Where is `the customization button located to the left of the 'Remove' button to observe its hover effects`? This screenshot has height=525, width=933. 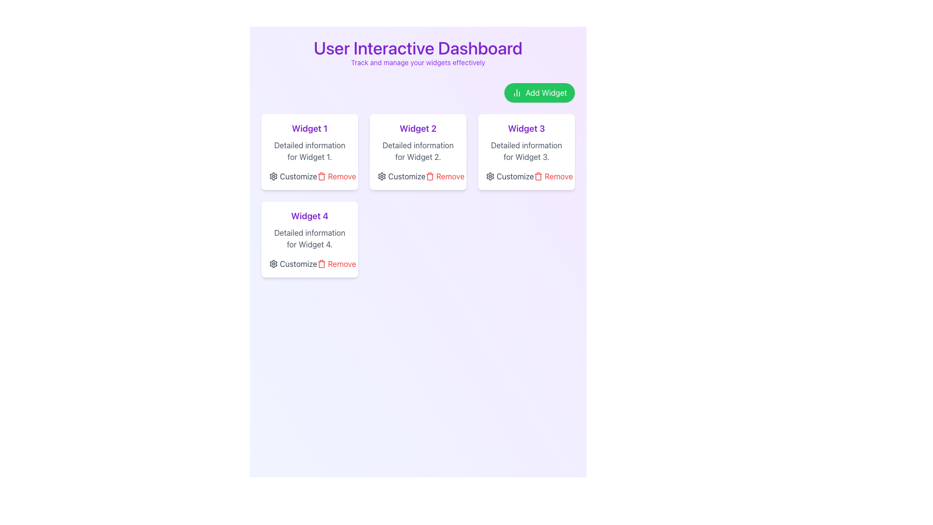 the customization button located to the left of the 'Remove' button to observe its hover effects is located at coordinates (293, 176).